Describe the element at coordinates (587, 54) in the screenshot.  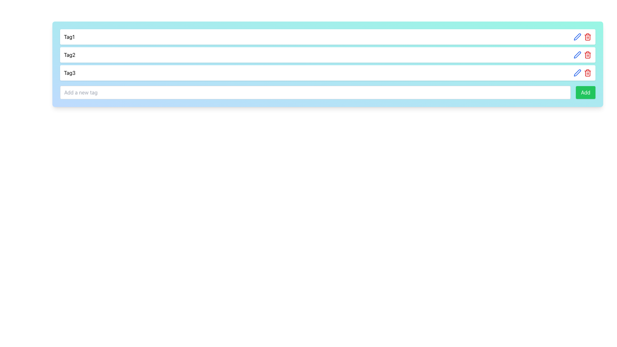
I see `the red trash bin icon button located to the right of 'Tag3'` at that location.